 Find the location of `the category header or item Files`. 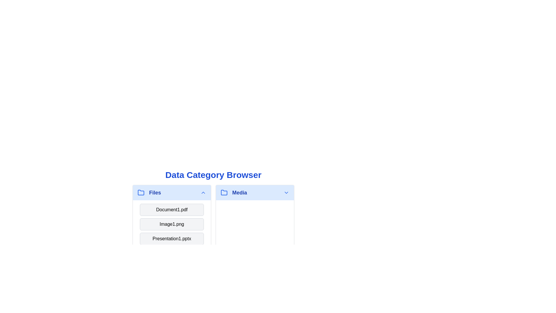

the category header or item Files is located at coordinates (171, 192).